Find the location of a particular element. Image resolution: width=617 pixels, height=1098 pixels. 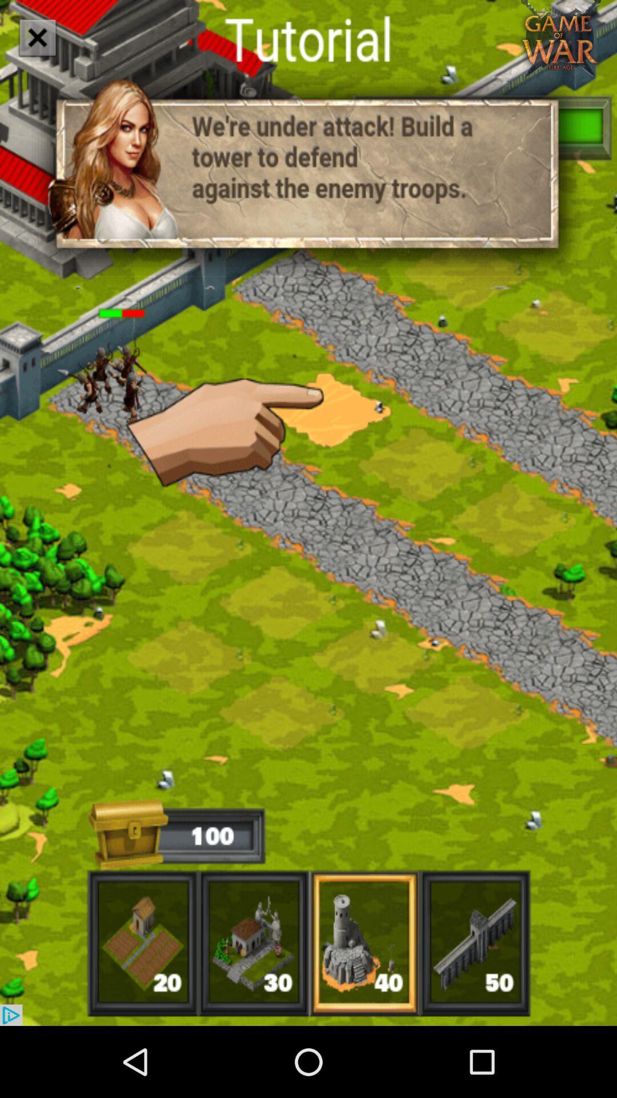

the close icon is located at coordinates (37, 40).